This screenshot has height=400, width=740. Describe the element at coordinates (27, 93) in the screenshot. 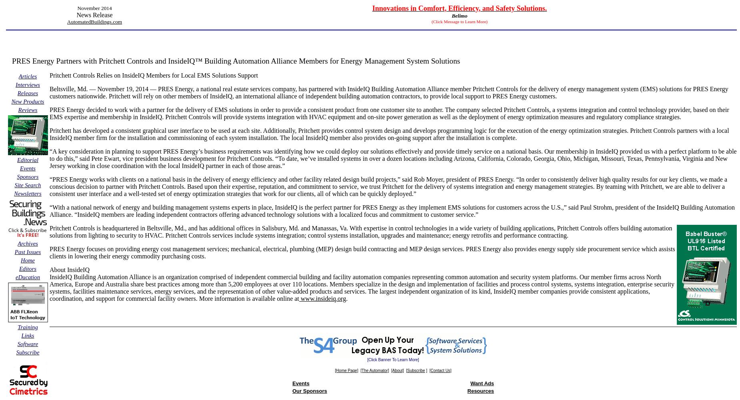

I see `'Releases'` at that location.